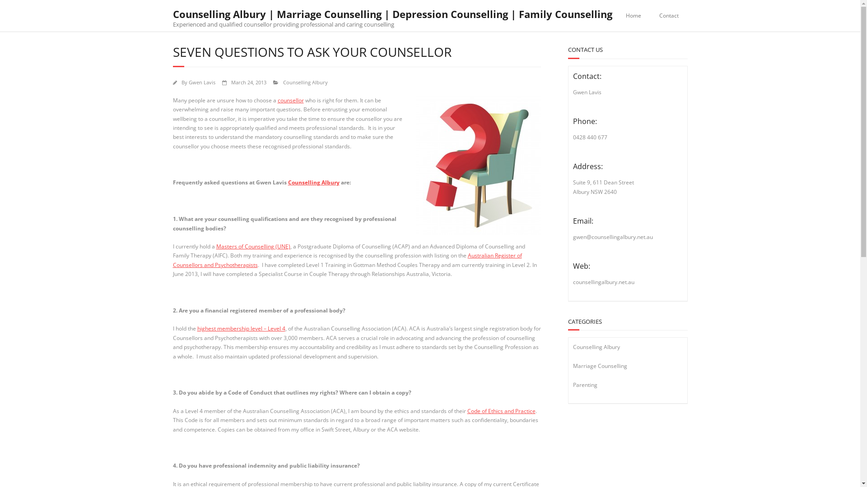  I want to click on 'Code of Ethics and Practice', so click(500, 411).